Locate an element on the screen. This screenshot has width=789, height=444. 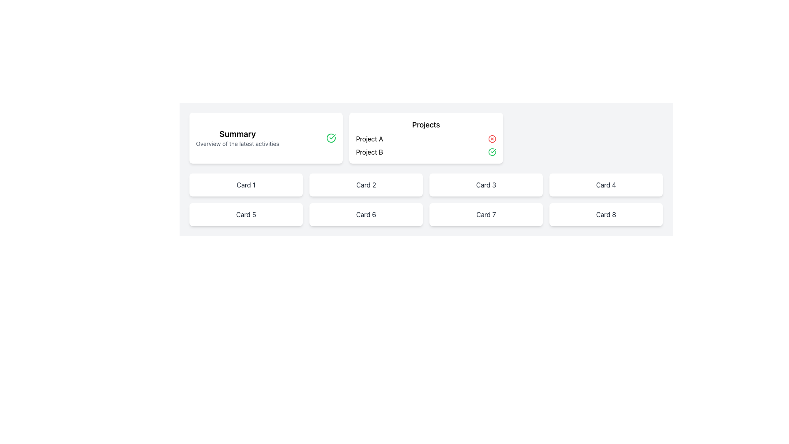
text label located in the seventh card of the grid layout, specifically in the second row and third column, for identification purposes is located at coordinates (486, 214).